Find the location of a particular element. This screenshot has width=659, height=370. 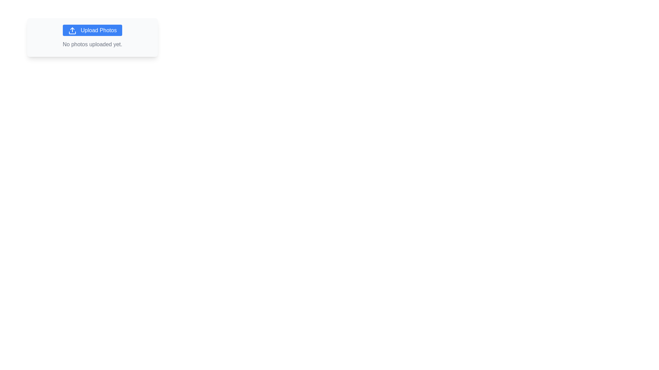

the 'Upload Photos' button which has a blue background and white text to change its background color is located at coordinates (92, 30).